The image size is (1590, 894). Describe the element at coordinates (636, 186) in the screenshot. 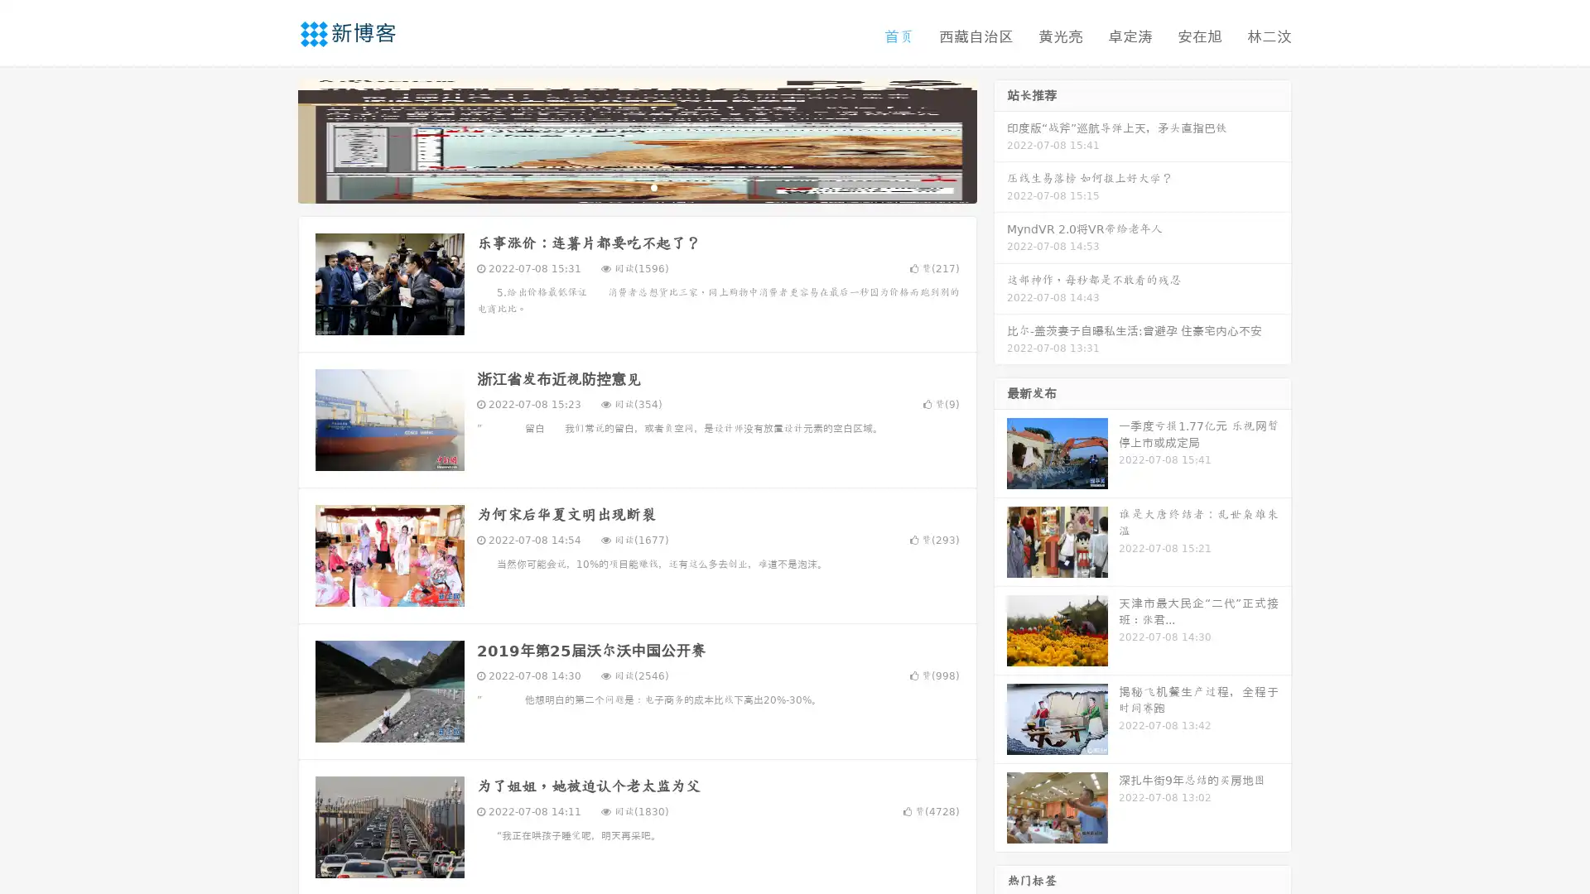

I see `Go to slide 2` at that location.